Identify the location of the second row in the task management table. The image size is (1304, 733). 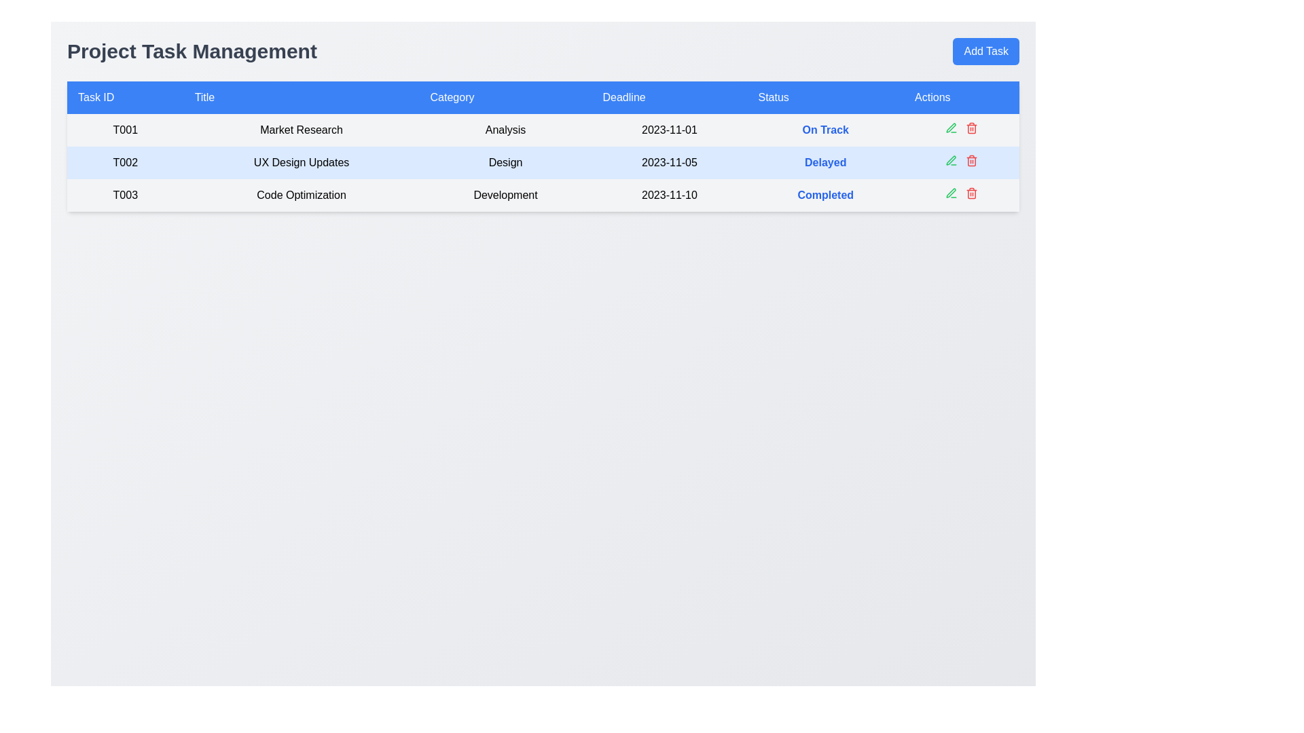
(543, 162).